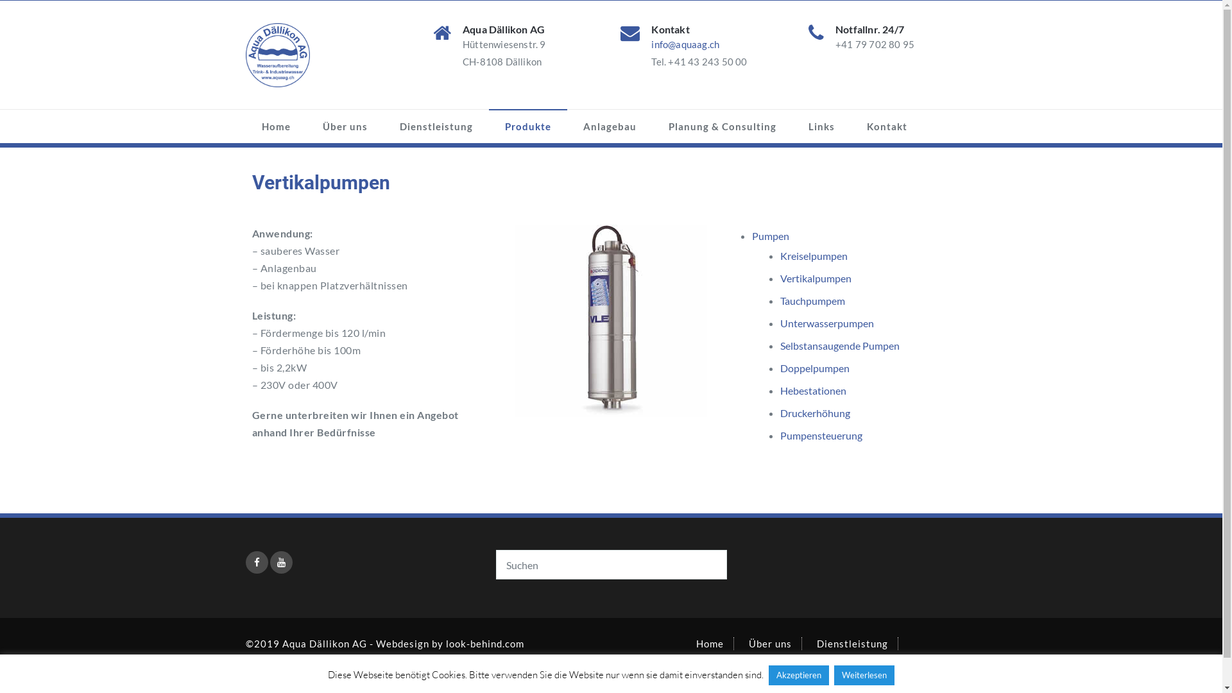 The width and height of the screenshot is (1232, 693). I want to click on 'Doppelpumpen', so click(814, 368).